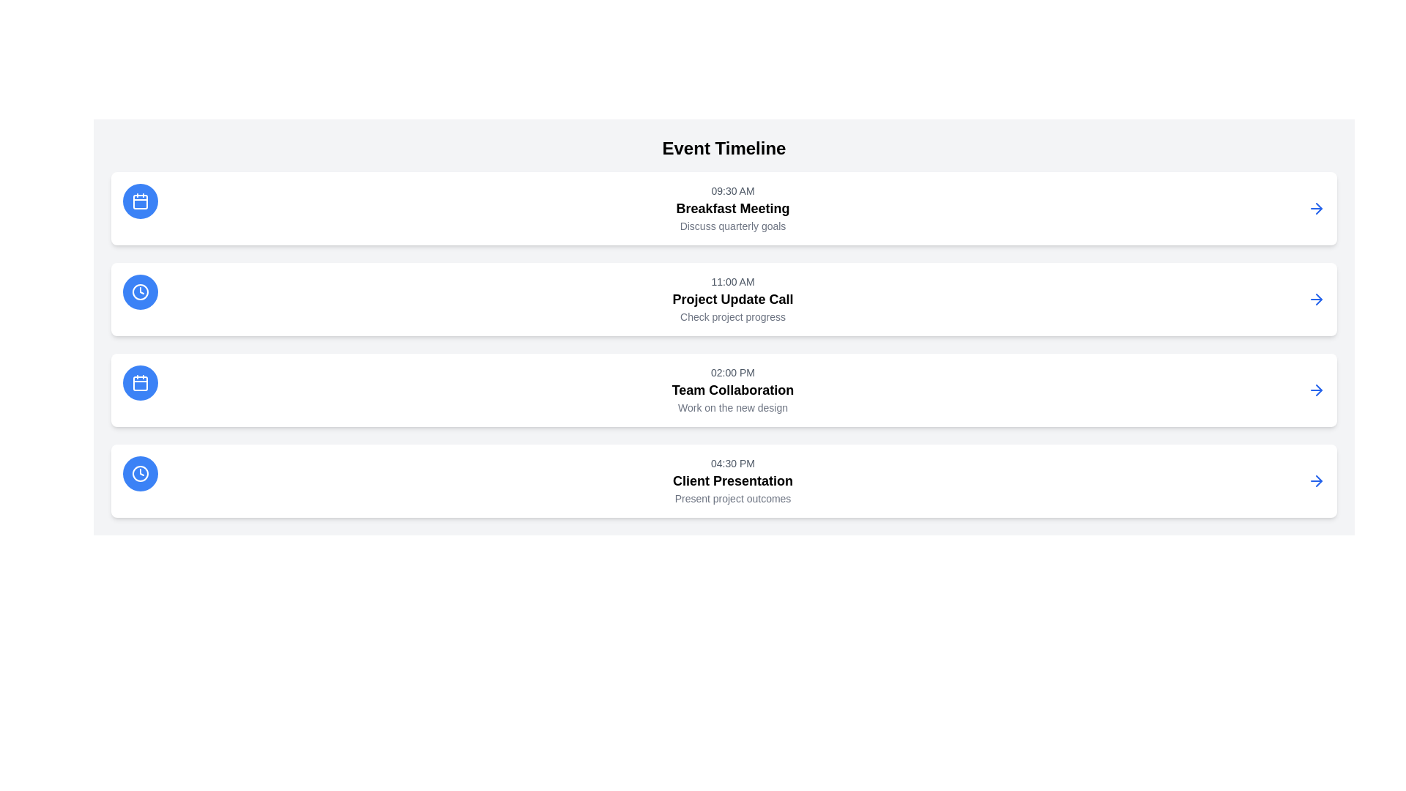  Describe the element at coordinates (1317, 389) in the screenshot. I see `the rightward blue arrow icon for navigation located on the rightmost side of the panel displaying event information for the 'Team Collaboration: Work on the new design' entry` at that location.